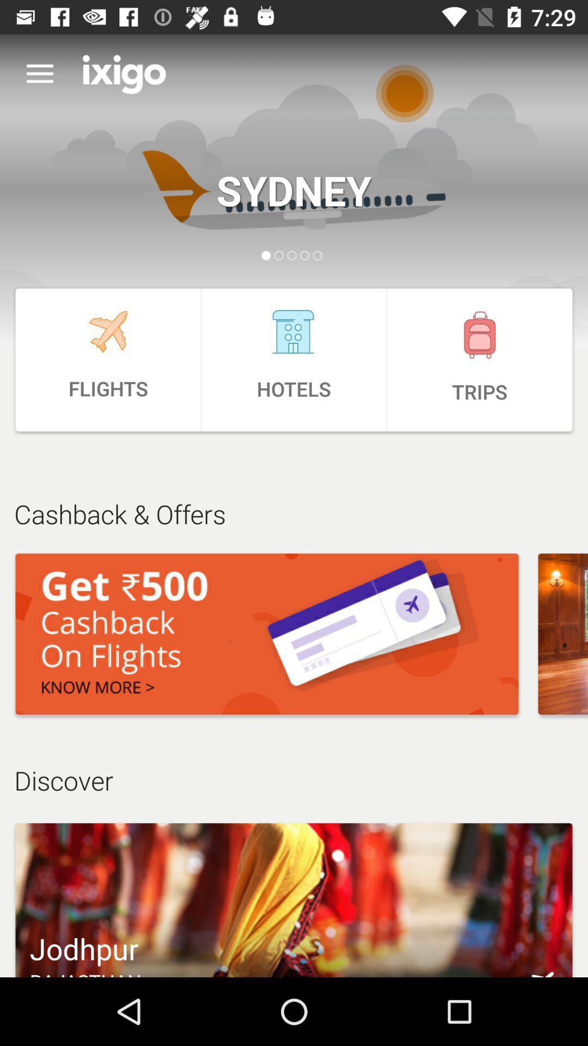 The image size is (588, 1046). Describe the element at coordinates (479, 360) in the screenshot. I see `the icon above the cashback & offers item` at that location.